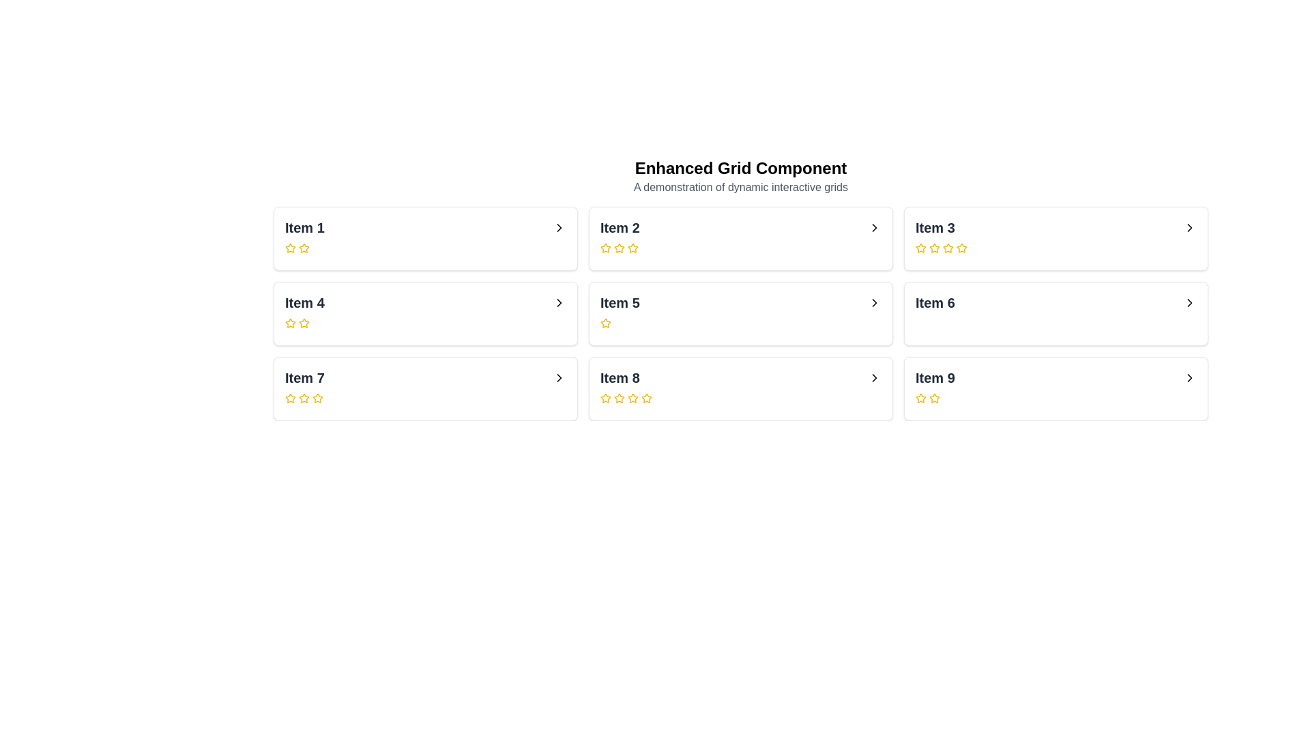  What do you see at coordinates (605, 398) in the screenshot?
I see `the first rating star in the rating section of 'Item 8'` at bounding box center [605, 398].